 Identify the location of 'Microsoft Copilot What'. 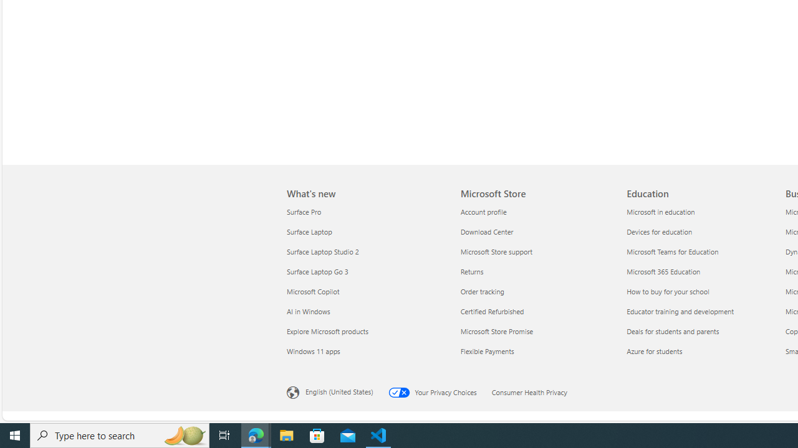
(313, 291).